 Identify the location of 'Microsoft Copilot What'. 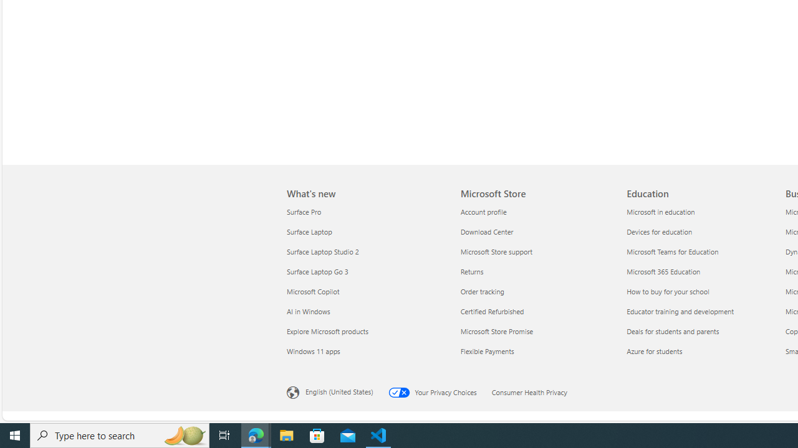
(313, 291).